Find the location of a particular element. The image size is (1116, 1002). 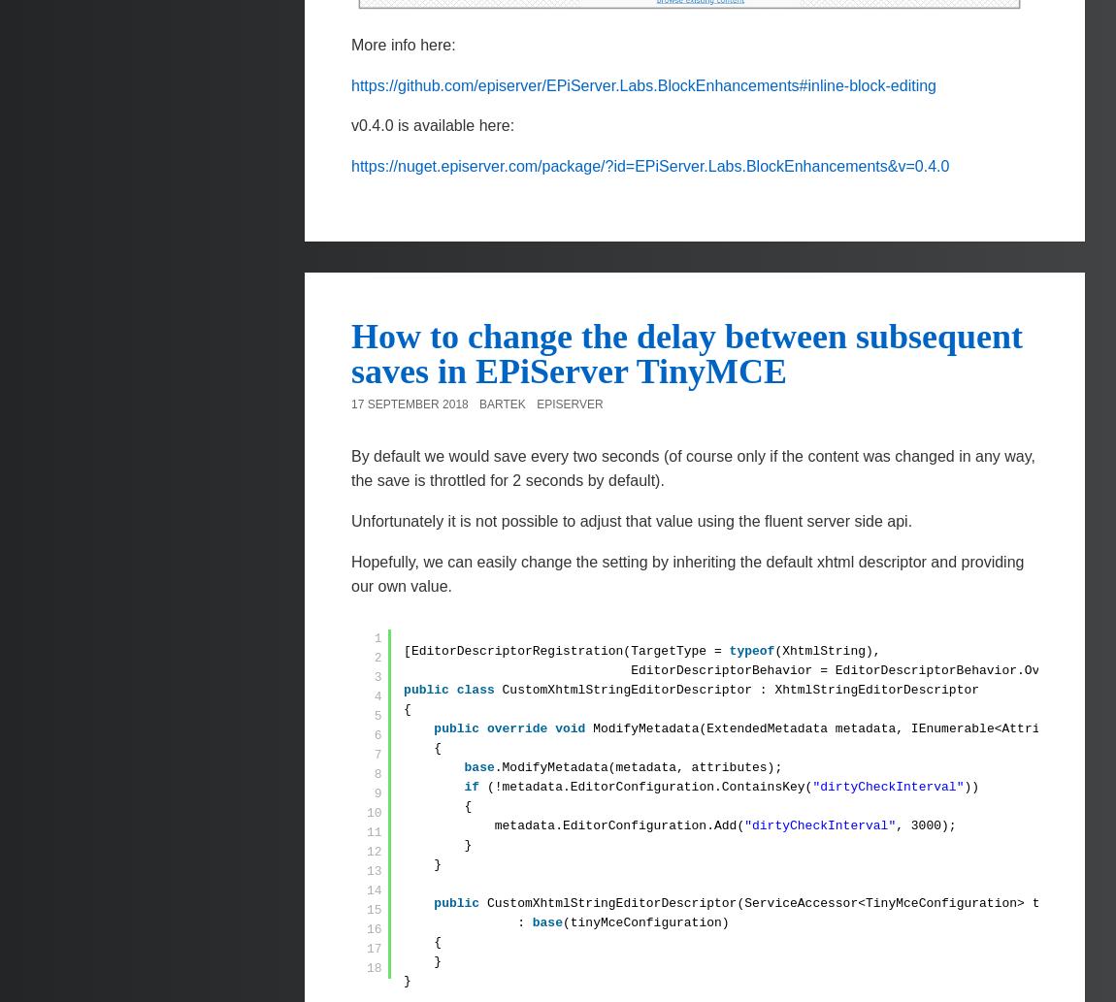

'17 September 2018' is located at coordinates (351, 403).